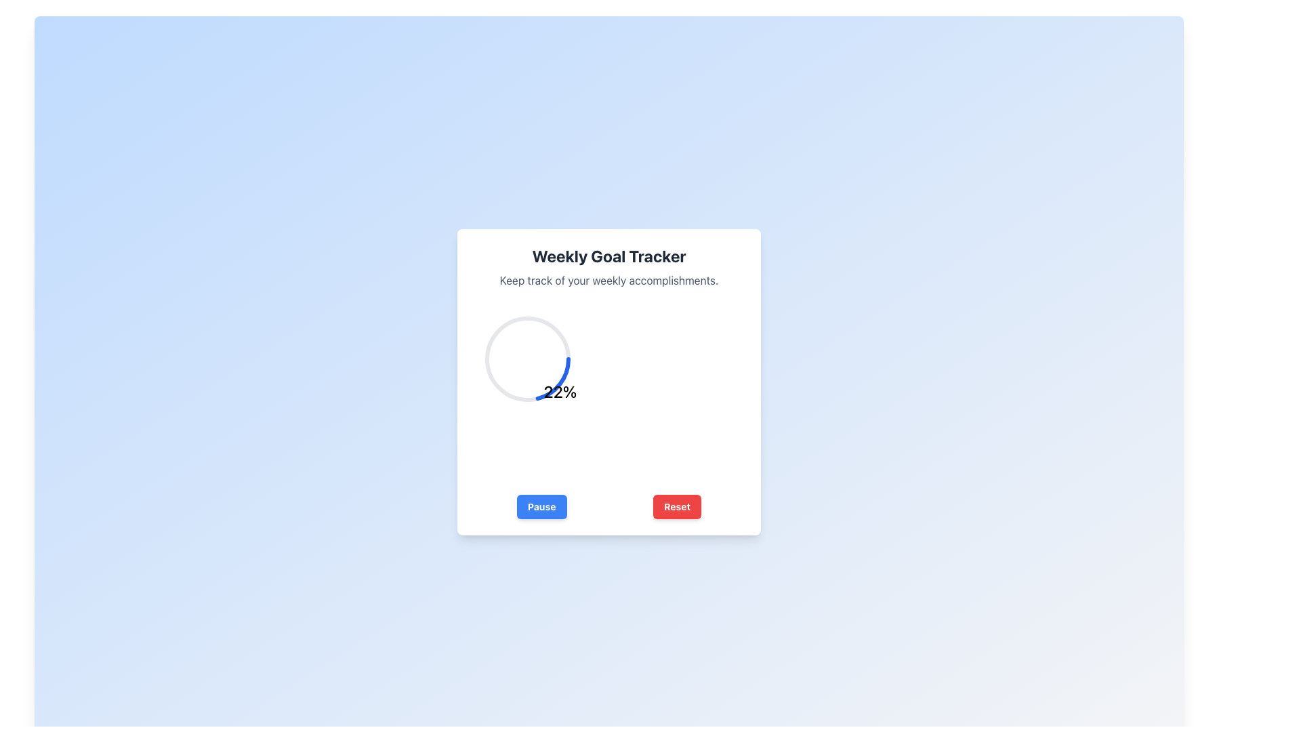 The height and width of the screenshot is (732, 1301). I want to click on the bright blue 'Pause' button located at the bottom section of the 'Weekly Goal Tracker' panel, so click(541, 507).